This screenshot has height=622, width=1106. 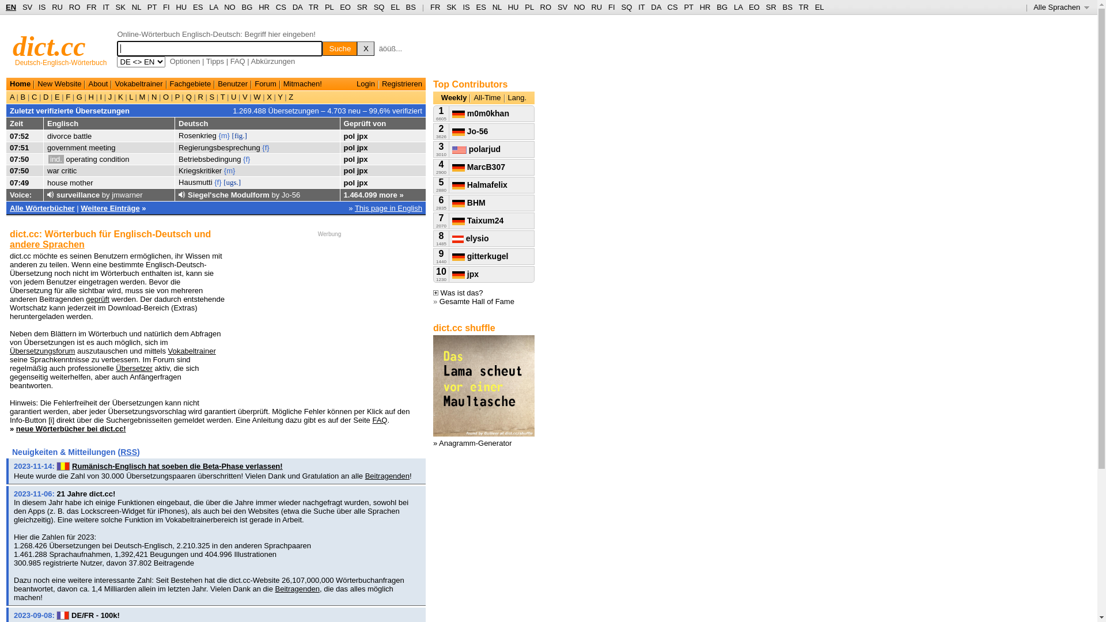 I want to click on 'pol', so click(x=343, y=159).